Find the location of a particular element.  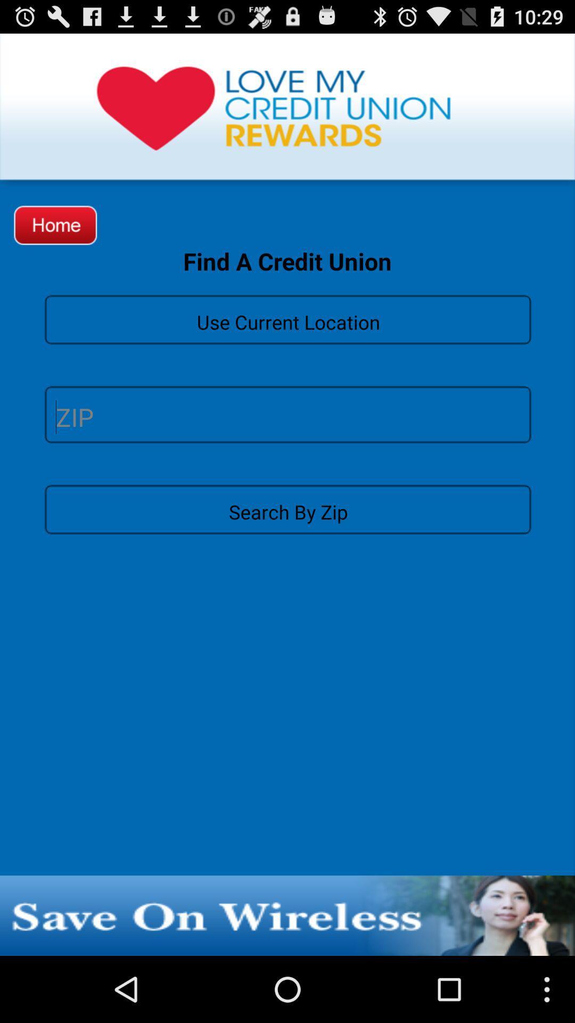

the icon to the left of the find a credit app is located at coordinates (55, 224).